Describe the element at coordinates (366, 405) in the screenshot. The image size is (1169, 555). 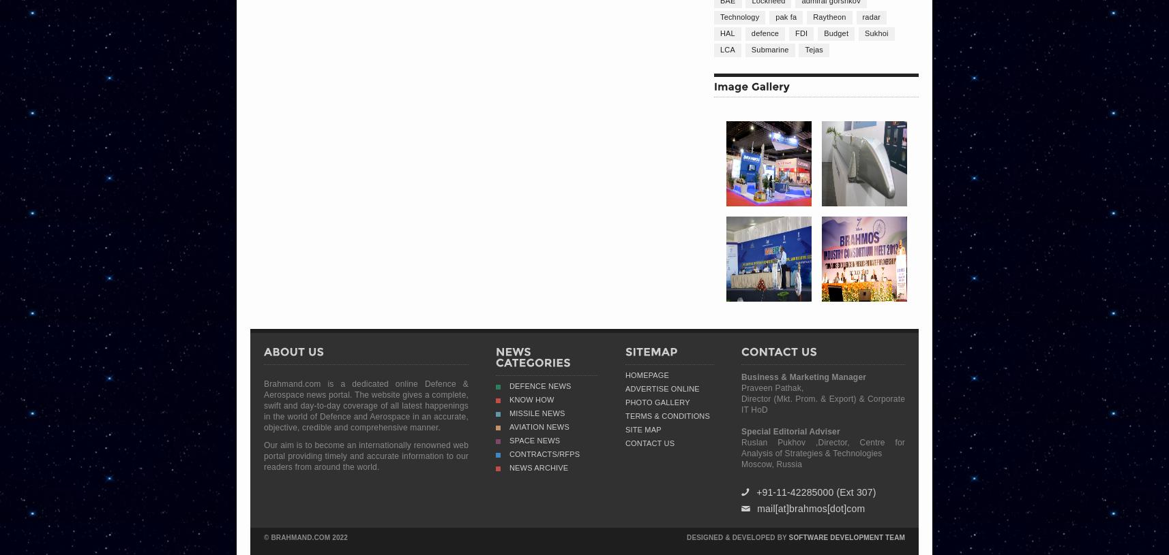
I see `'Brahmand.com is a dedicated online Defence & Aerospace news portal. The website gives a complete, swift and day-to-day coverage of all latest happenings in the world of Defence and Aerospace in an accurate, objective, credible and comprehensive manner.'` at that location.